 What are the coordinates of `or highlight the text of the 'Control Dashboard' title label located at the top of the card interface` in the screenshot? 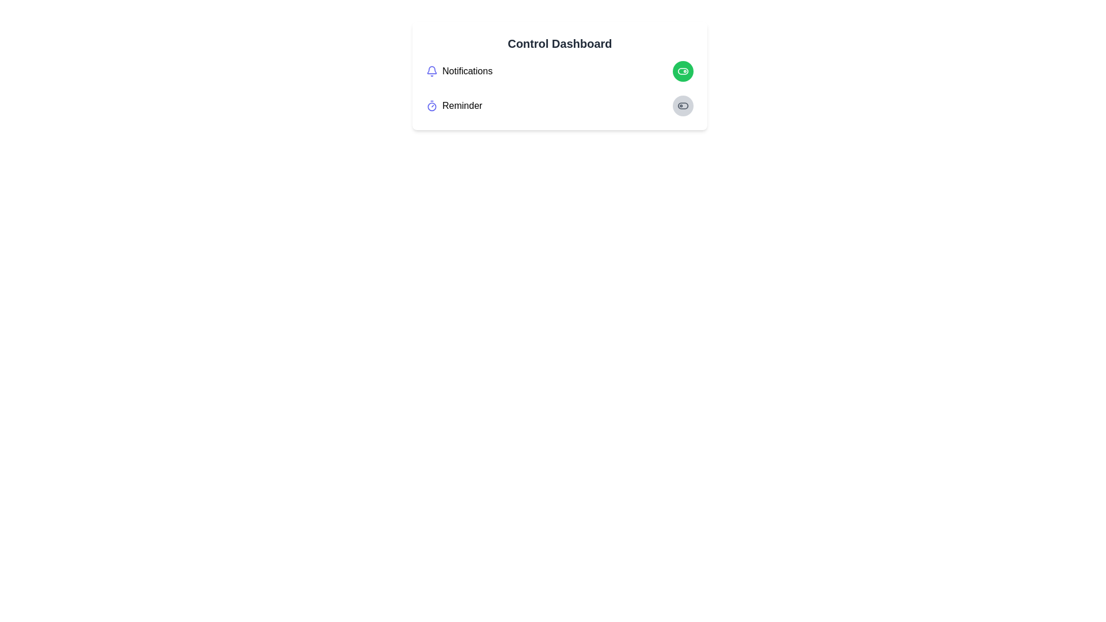 It's located at (559, 43).